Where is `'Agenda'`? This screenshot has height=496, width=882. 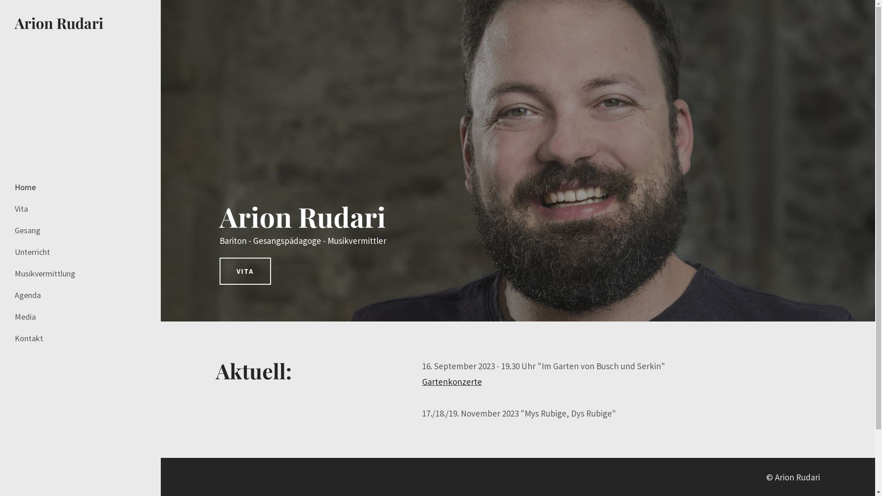 'Agenda' is located at coordinates (30, 295).